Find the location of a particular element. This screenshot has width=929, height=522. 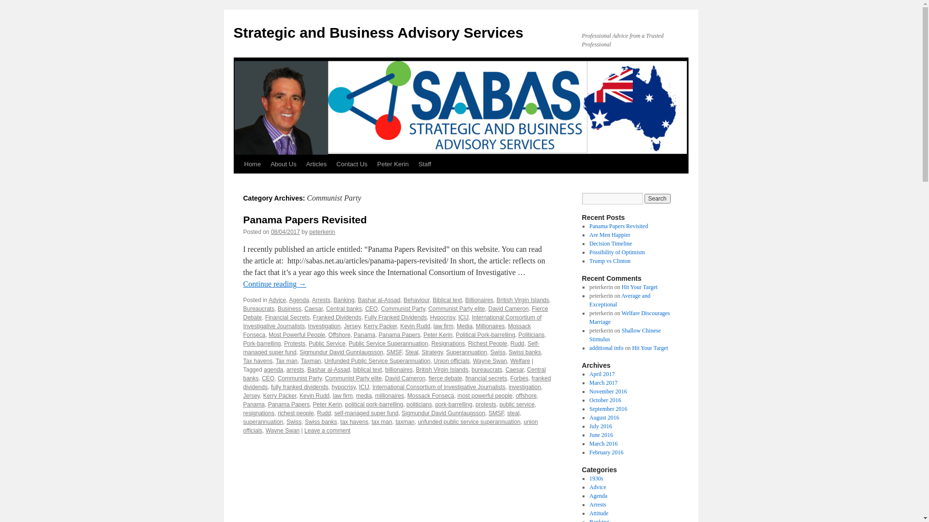

'Are Men Happier' is located at coordinates (589, 235).